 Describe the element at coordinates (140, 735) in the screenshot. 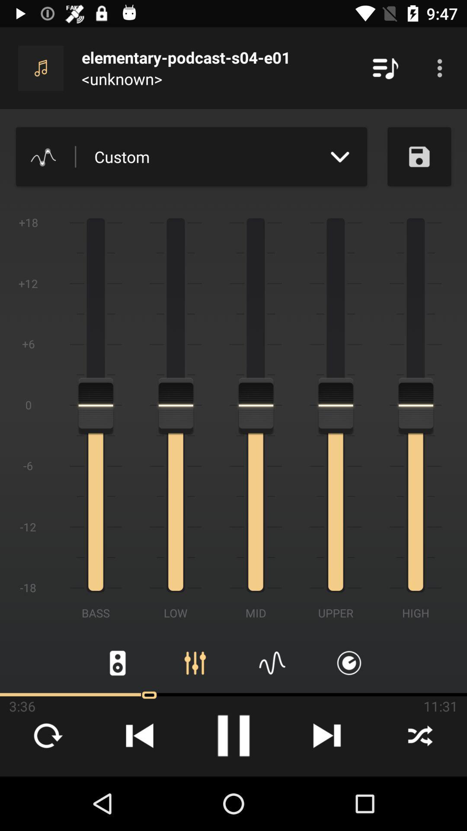

I see `the skip_previous icon` at that location.